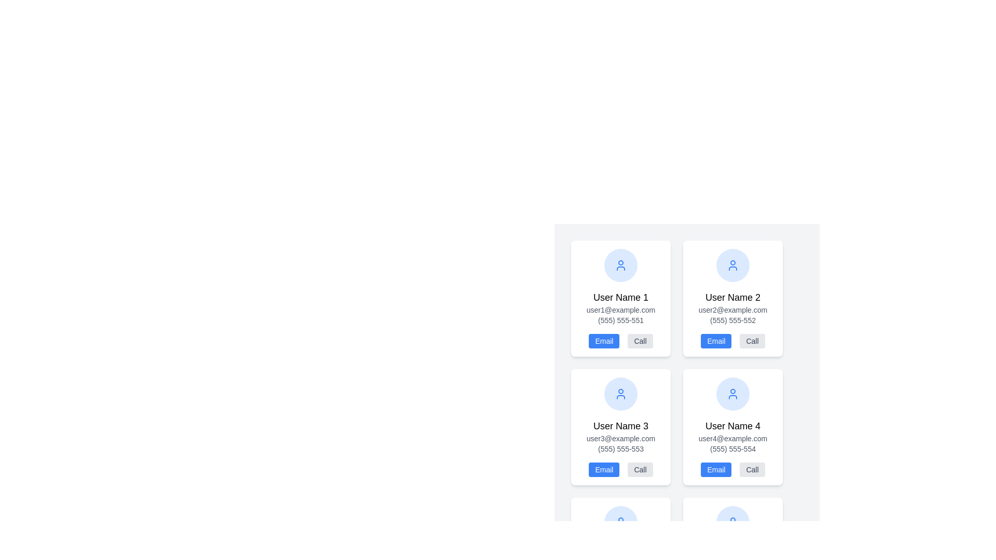 Image resolution: width=996 pixels, height=560 pixels. I want to click on the non-interactive decorative avatar icon representing the user, which is the topmost item in a card layout located in the second column of a 2x2 grid, so click(732, 265).